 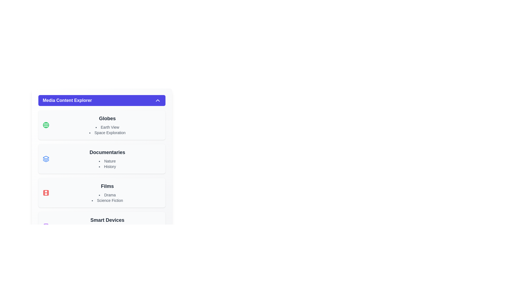 I want to click on to select the list item representing the category 'Space Exploration', which is the second item in the list under the heading 'Globes', so click(x=107, y=133).